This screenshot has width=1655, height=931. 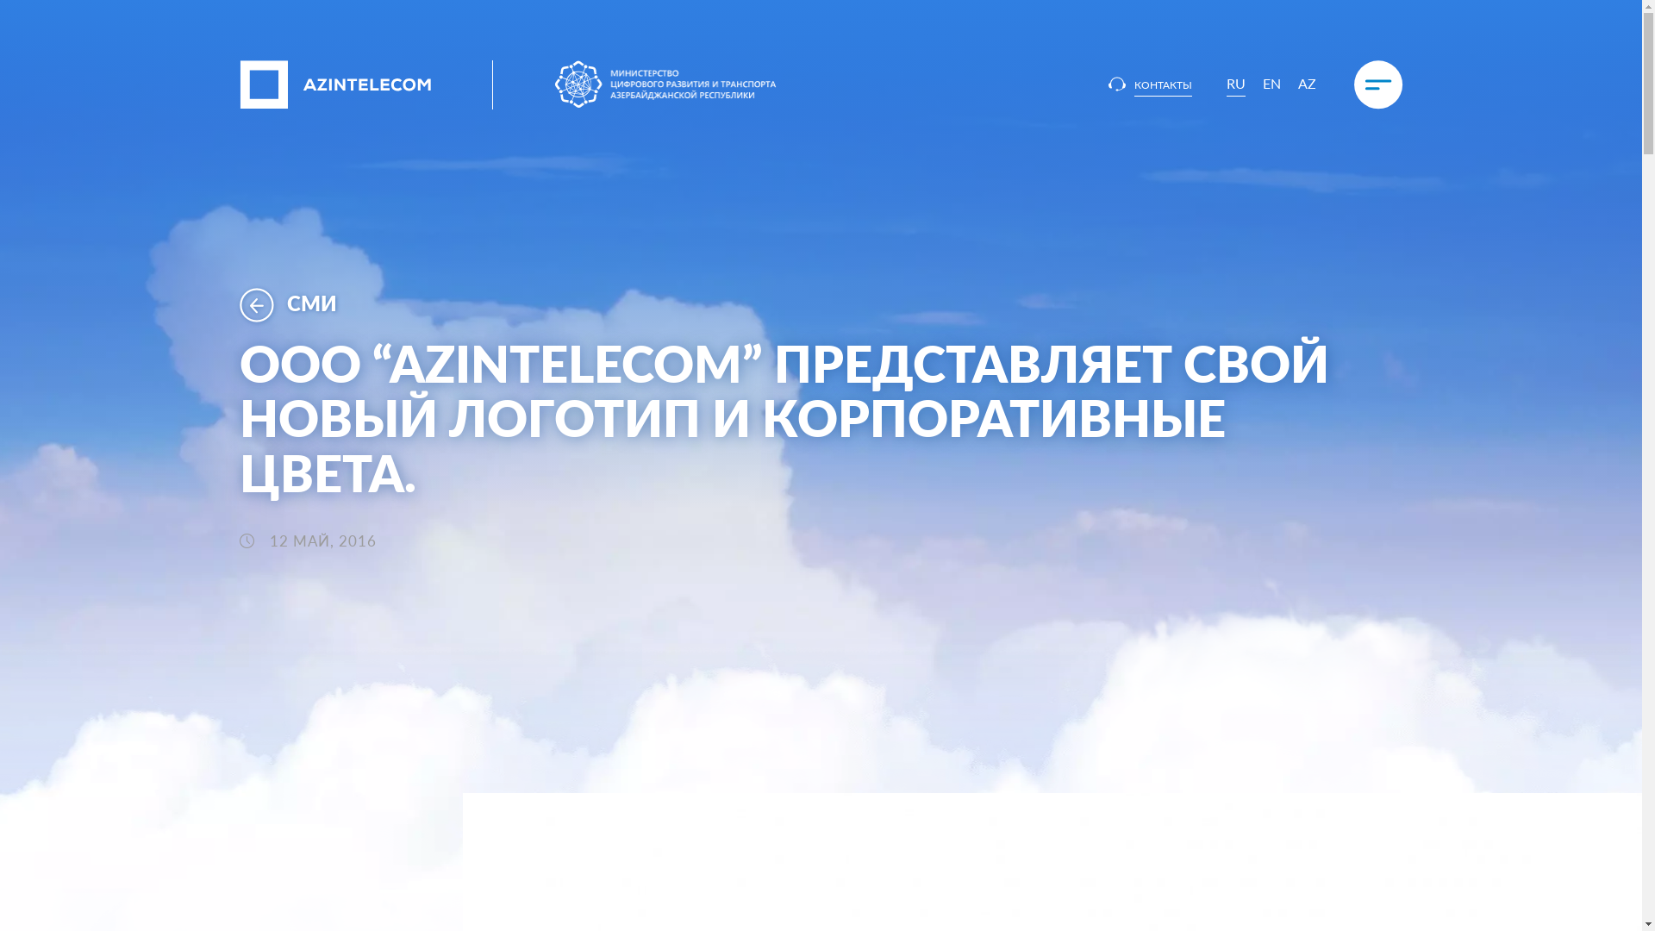 I want to click on 'AZ', so click(x=1307, y=83).